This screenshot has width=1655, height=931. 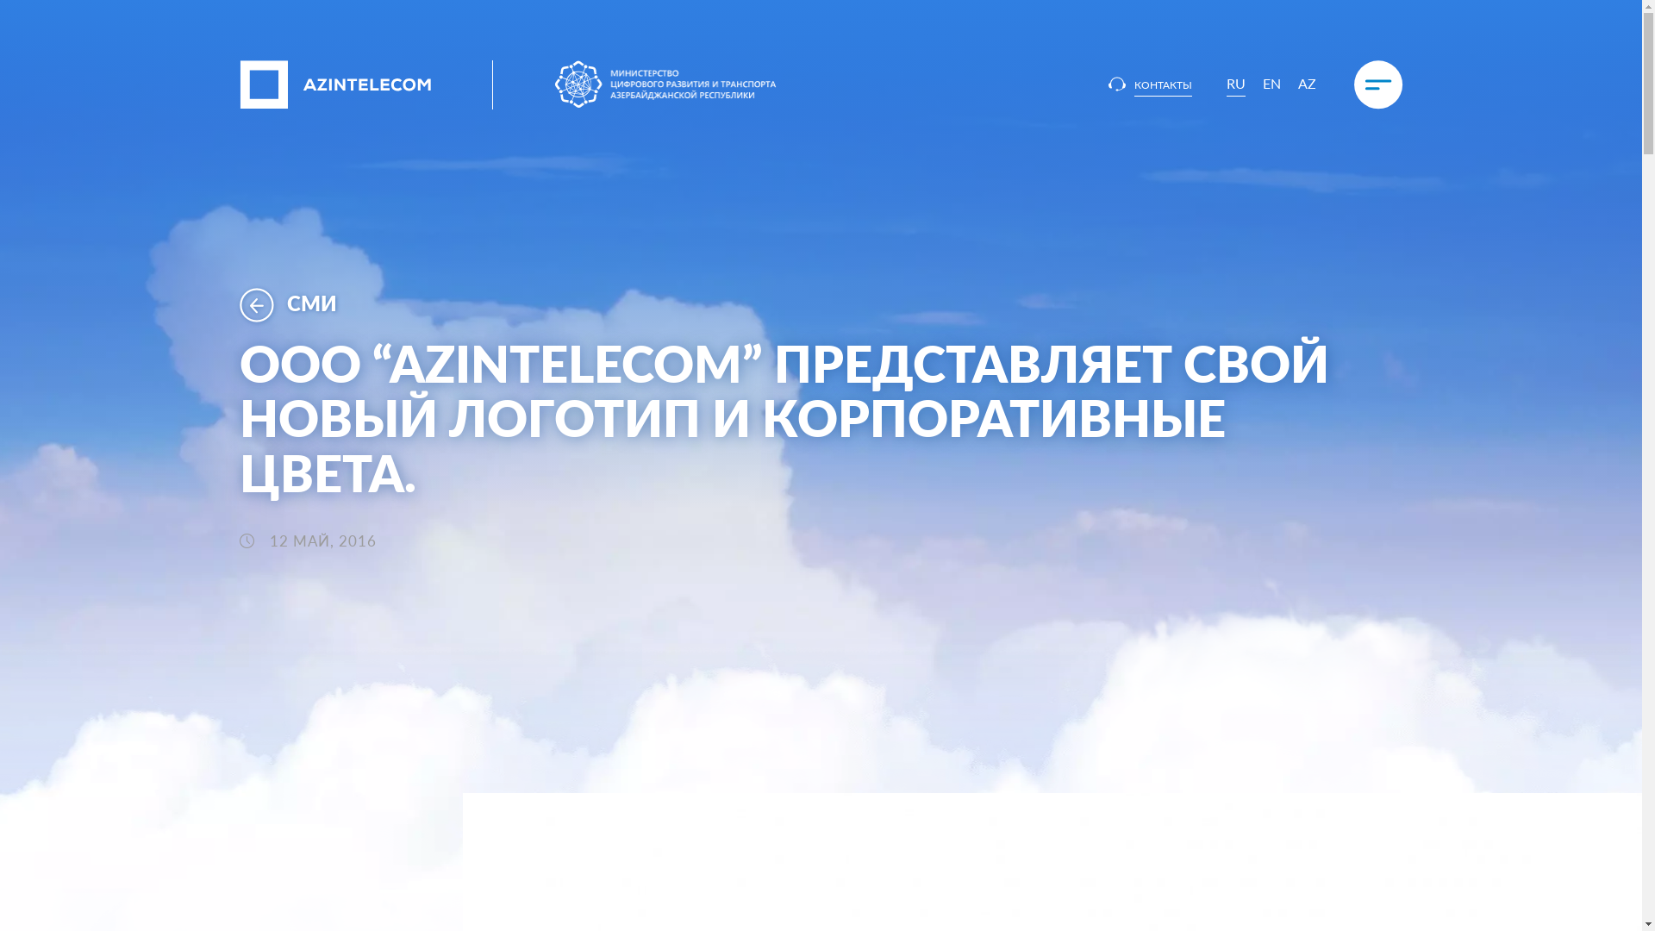 I want to click on 'AZ', so click(x=1307, y=83).